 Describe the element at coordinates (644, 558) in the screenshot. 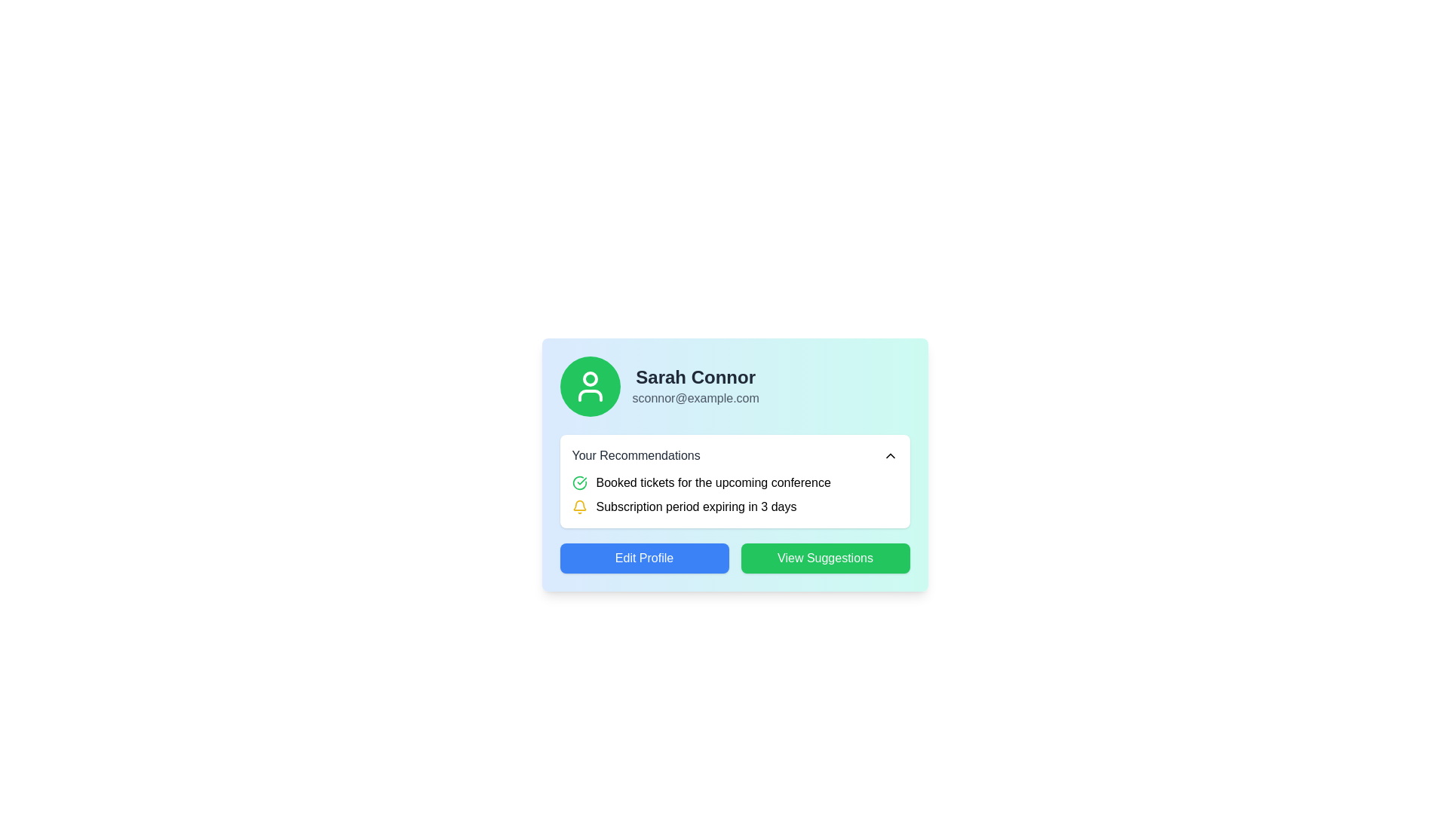

I see `the leftmost button in the user profile card layout to initiate editing the profile information` at that location.